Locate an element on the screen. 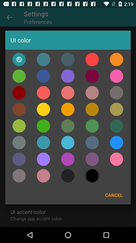 Image resolution: width=136 pixels, height=243 pixels. selects the color dark grey is located at coordinates (68, 176).